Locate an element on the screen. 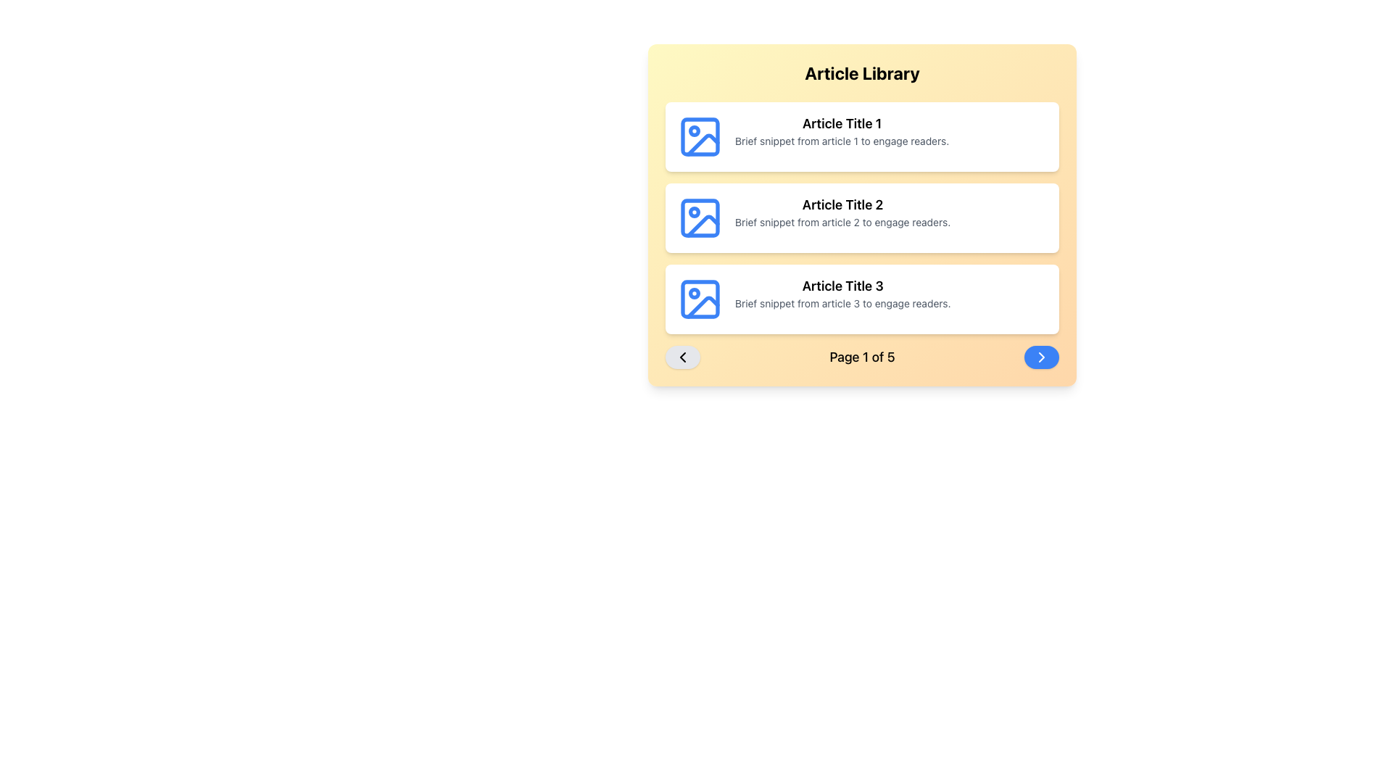  the text title of the first article in the list is located at coordinates (842, 123).